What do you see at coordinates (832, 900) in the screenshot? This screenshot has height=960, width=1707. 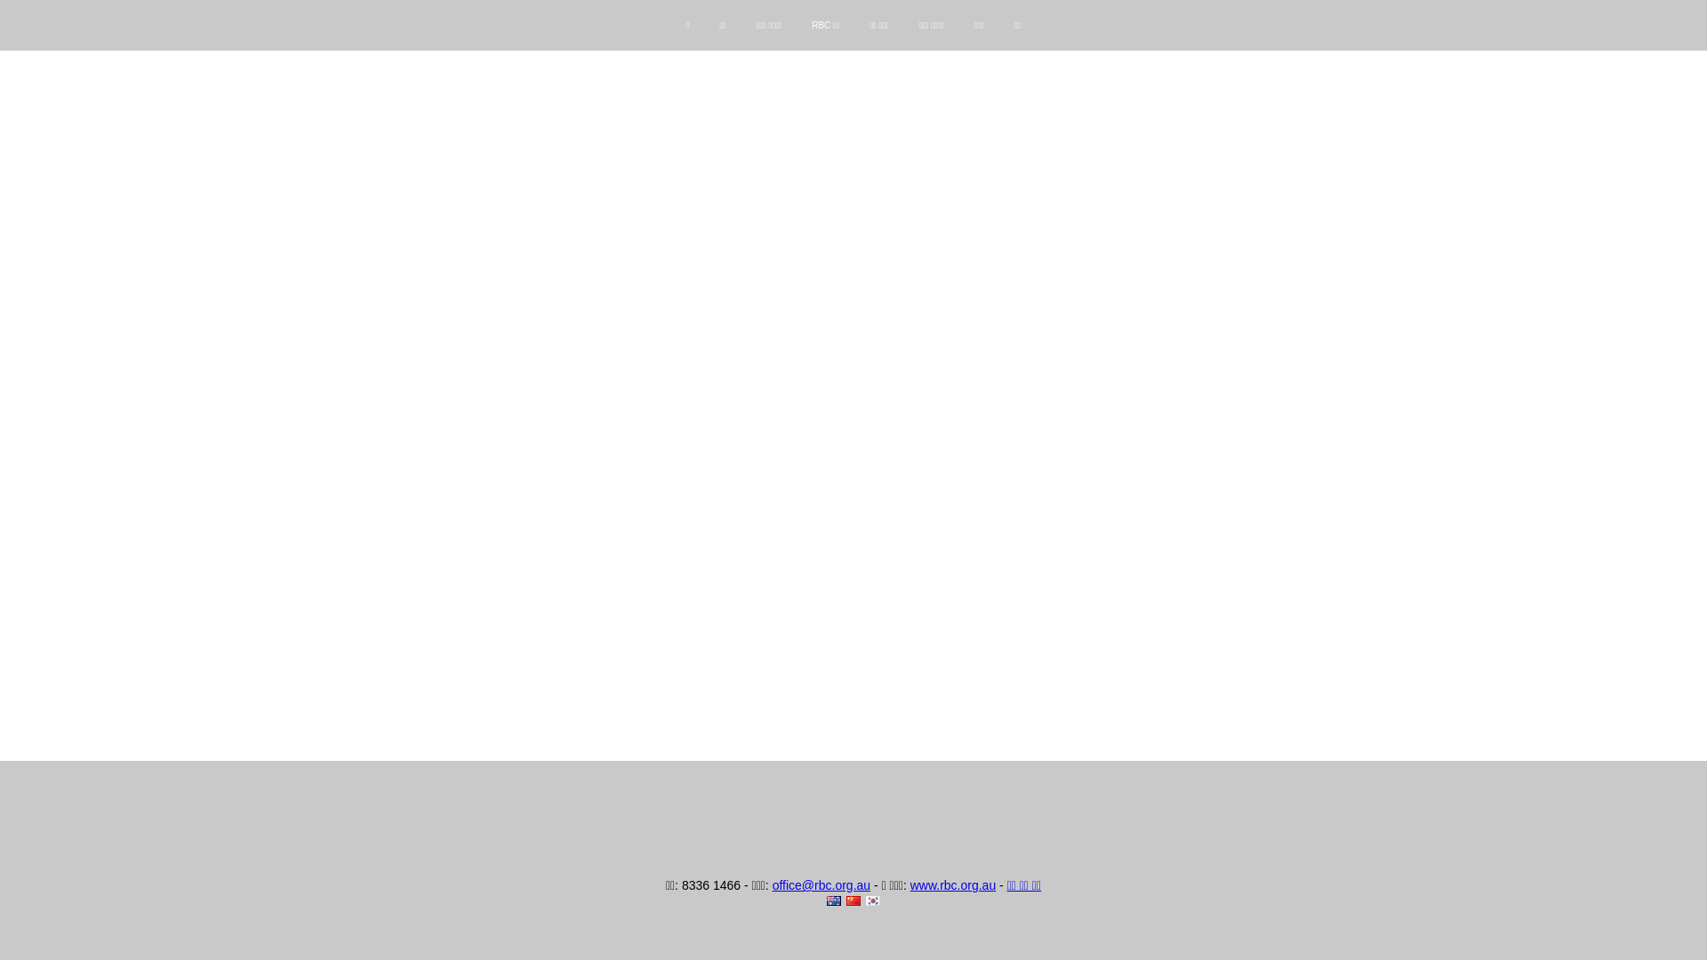 I see `'English'` at bounding box center [832, 900].